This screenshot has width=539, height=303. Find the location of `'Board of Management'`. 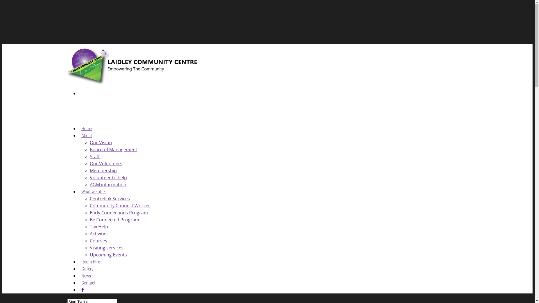

'Board of Management' is located at coordinates (113, 149).